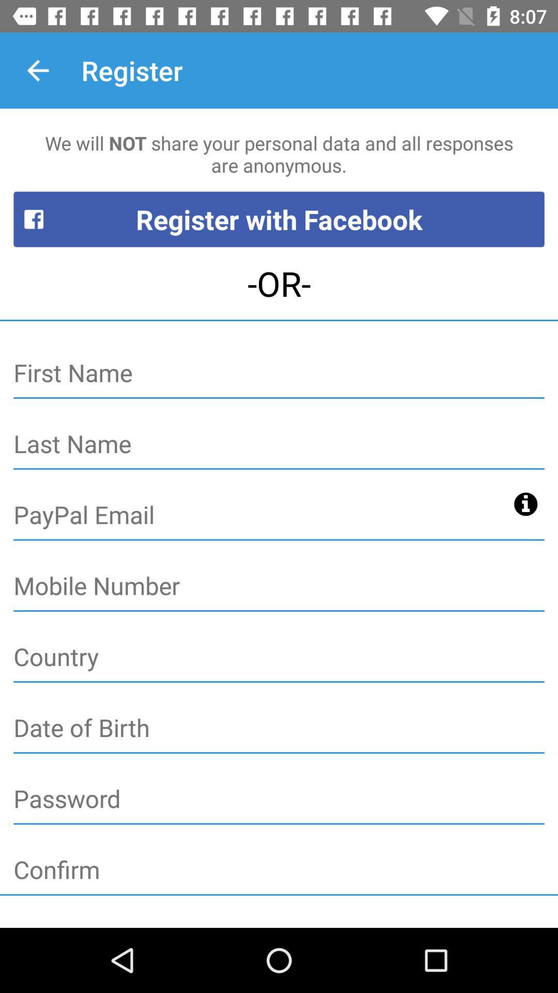  I want to click on it enter the country name, so click(279, 657).